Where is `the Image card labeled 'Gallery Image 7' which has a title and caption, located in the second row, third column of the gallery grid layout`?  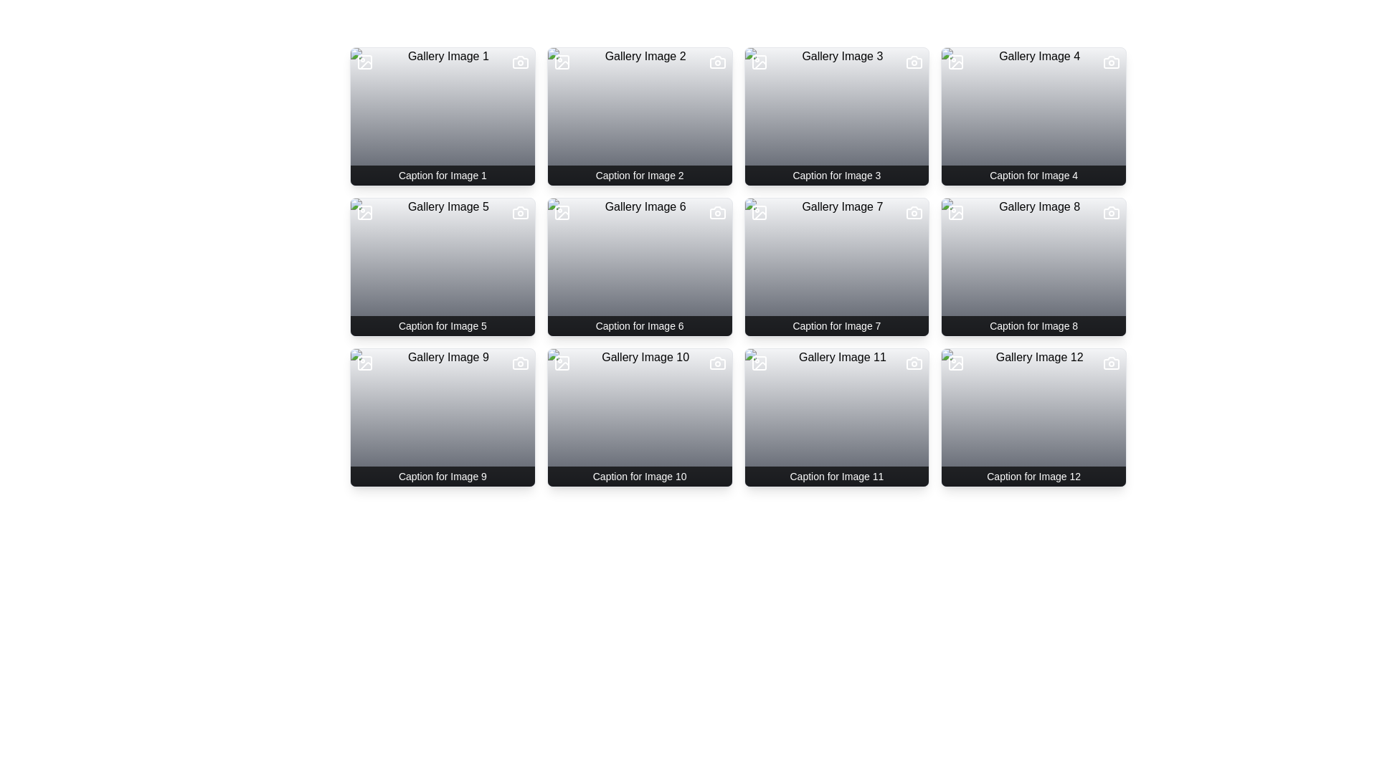
the Image card labeled 'Gallery Image 7' which has a title and caption, located in the second row, third column of the gallery grid layout is located at coordinates (836, 267).